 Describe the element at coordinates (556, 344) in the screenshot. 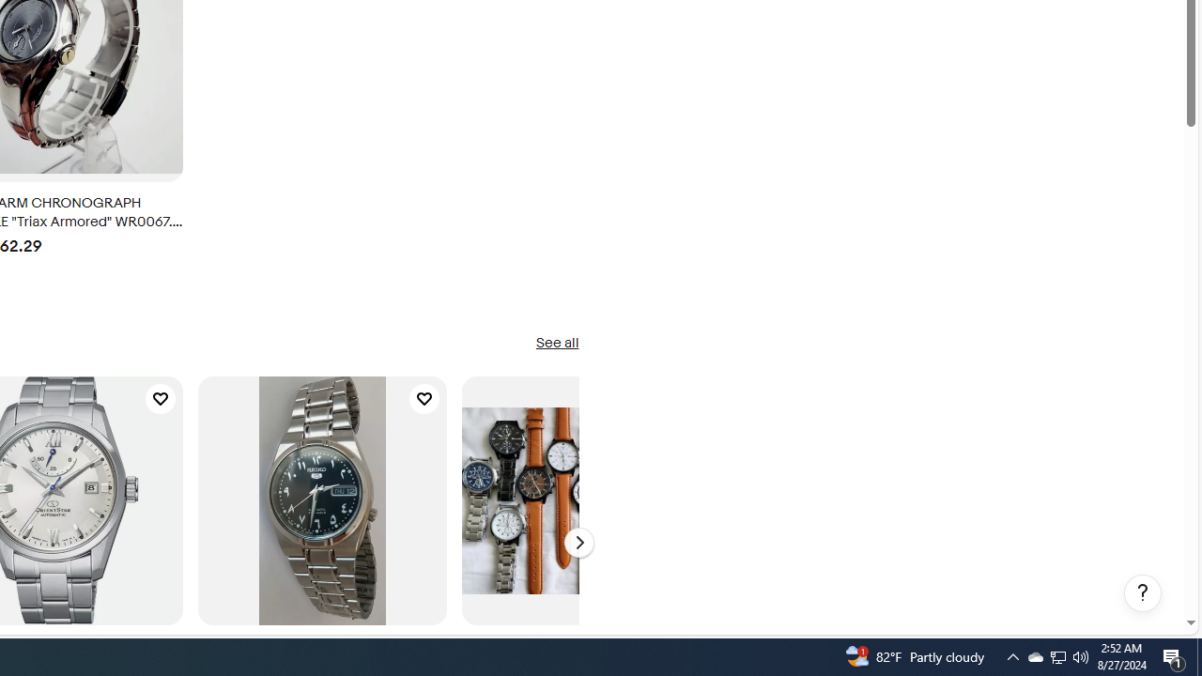

I see `'See all'` at that location.